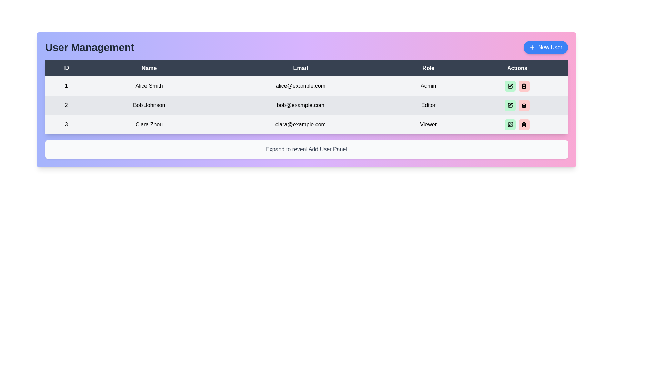  Describe the element at coordinates (524, 105) in the screenshot. I see `the delete button in the 'Actions' column of the second row associated with the user 'Bob Johnson'` at that location.